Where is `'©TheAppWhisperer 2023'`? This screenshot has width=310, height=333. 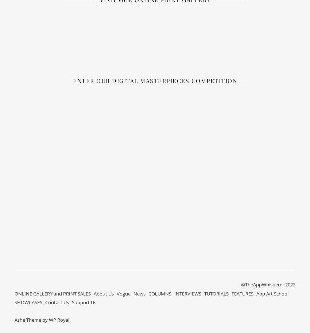 '©TheAppWhisperer 2023' is located at coordinates (241, 284).